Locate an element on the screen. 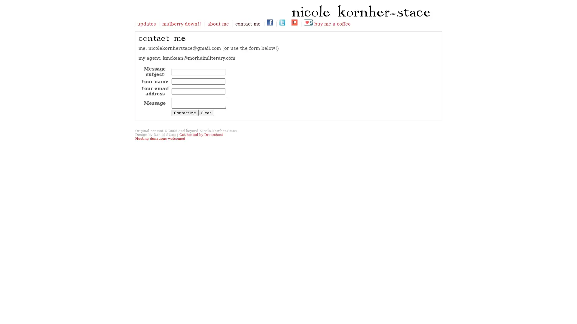 This screenshot has width=577, height=324. Clear is located at coordinates (206, 113).